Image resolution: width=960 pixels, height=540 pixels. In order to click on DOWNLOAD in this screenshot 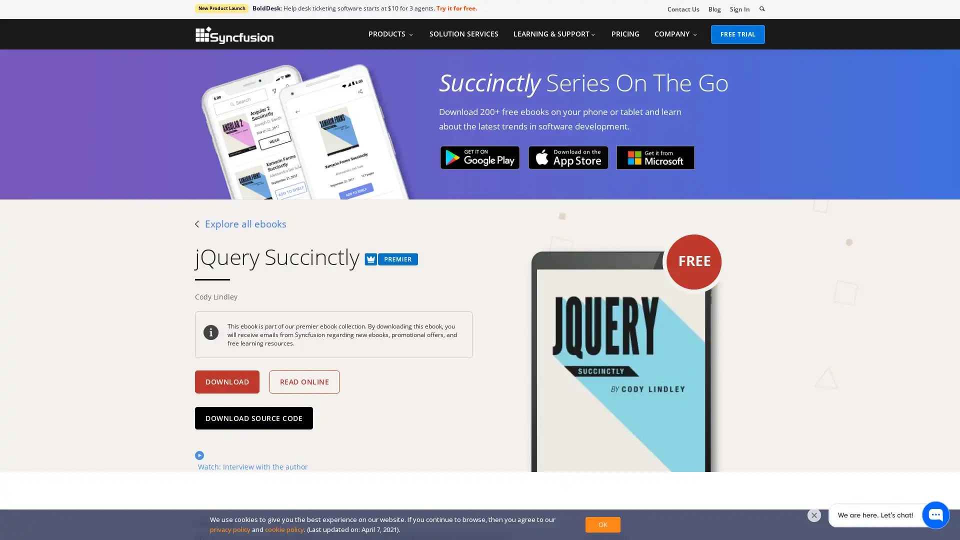, I will do `click(226, 381)`.